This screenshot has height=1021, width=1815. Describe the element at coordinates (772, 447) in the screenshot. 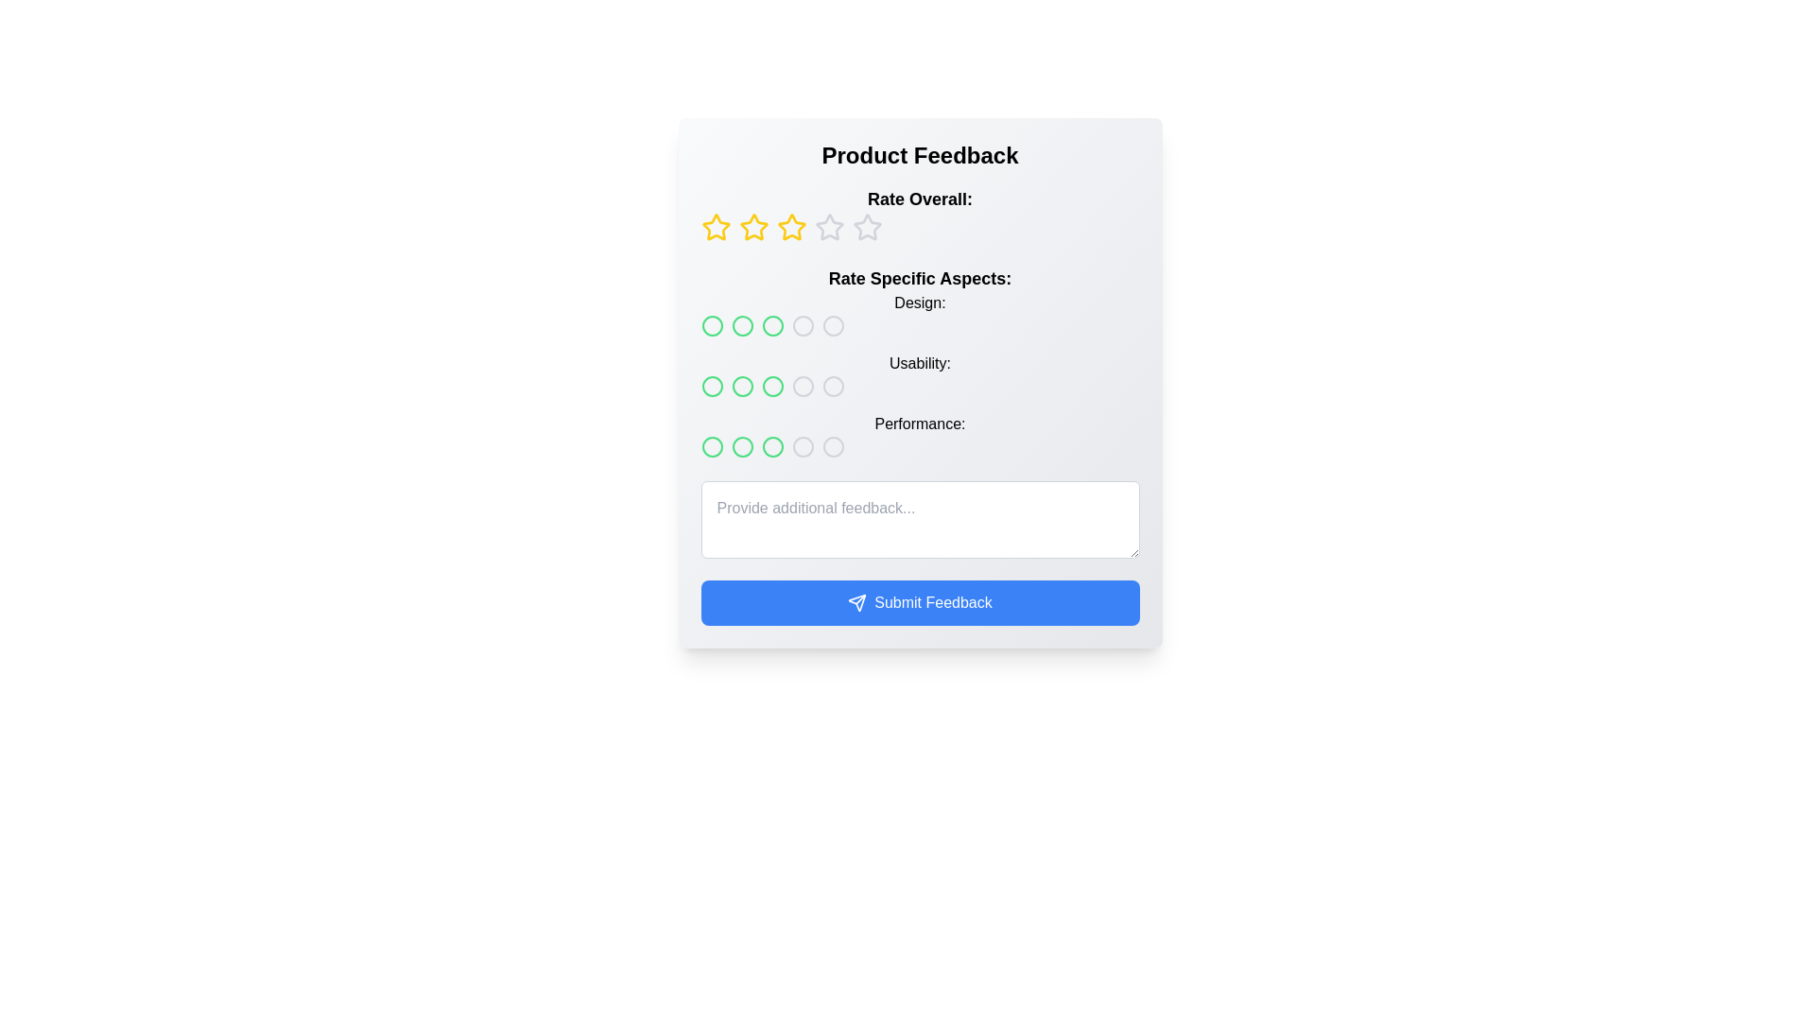

I see `the fifth radio button in the horizontal sequence` at that location.